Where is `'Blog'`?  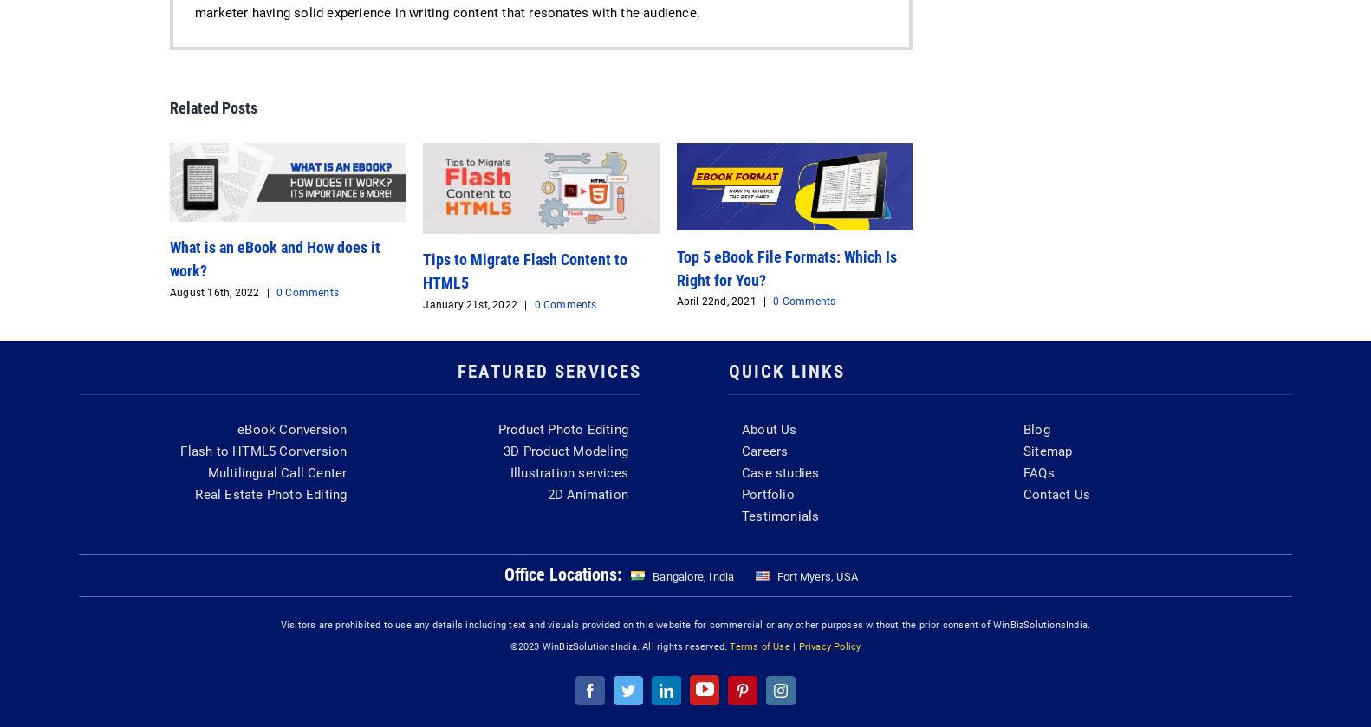 'Blog' is located at coordinates (1036, 428).